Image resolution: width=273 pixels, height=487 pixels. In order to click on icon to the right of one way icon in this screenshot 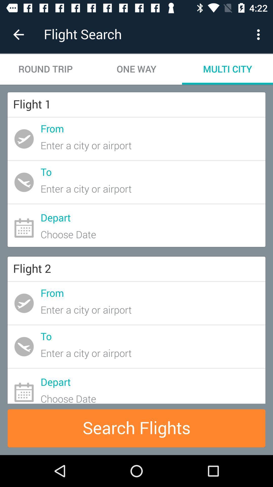, I will do `click(260, 34)`.